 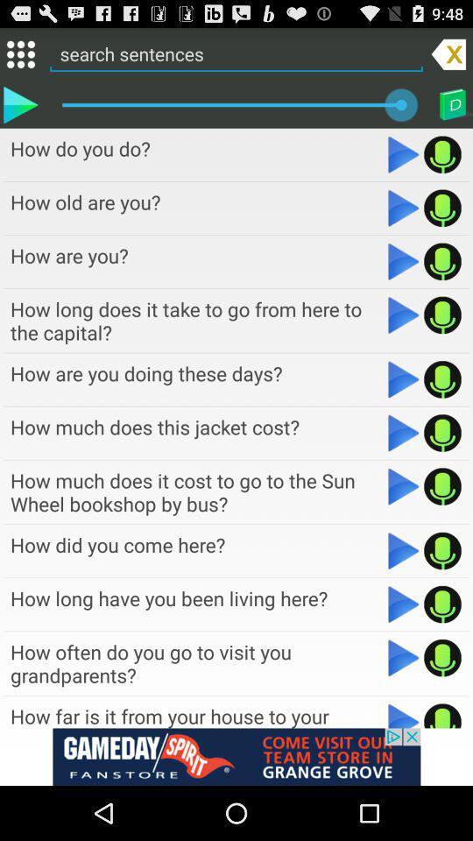 I want to click on search sentences how are you doing these days, so click(x=404, y=379).